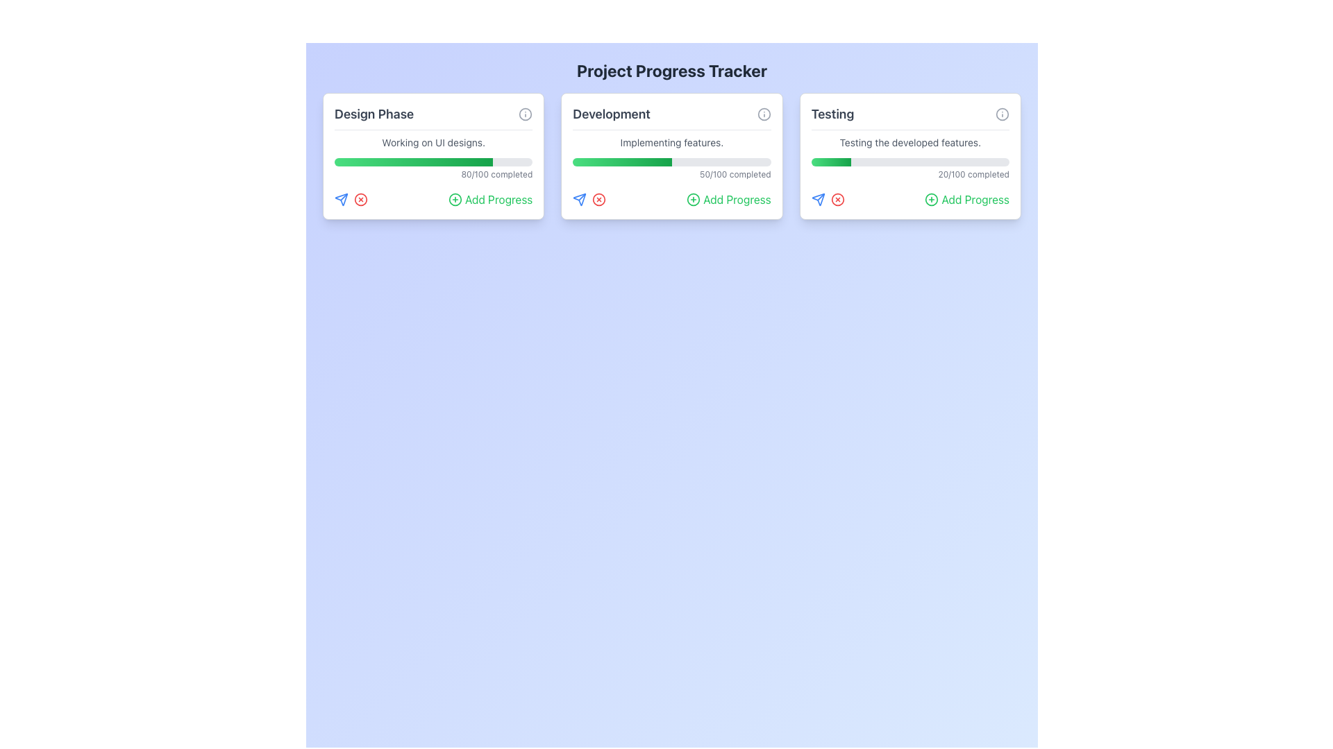 Image resolution: width=1333 pixels, height=749 pixels. What do you see at coordinates (849, 162) in the screenshot?
I see `the progress value` at bounding box center [849, 162].